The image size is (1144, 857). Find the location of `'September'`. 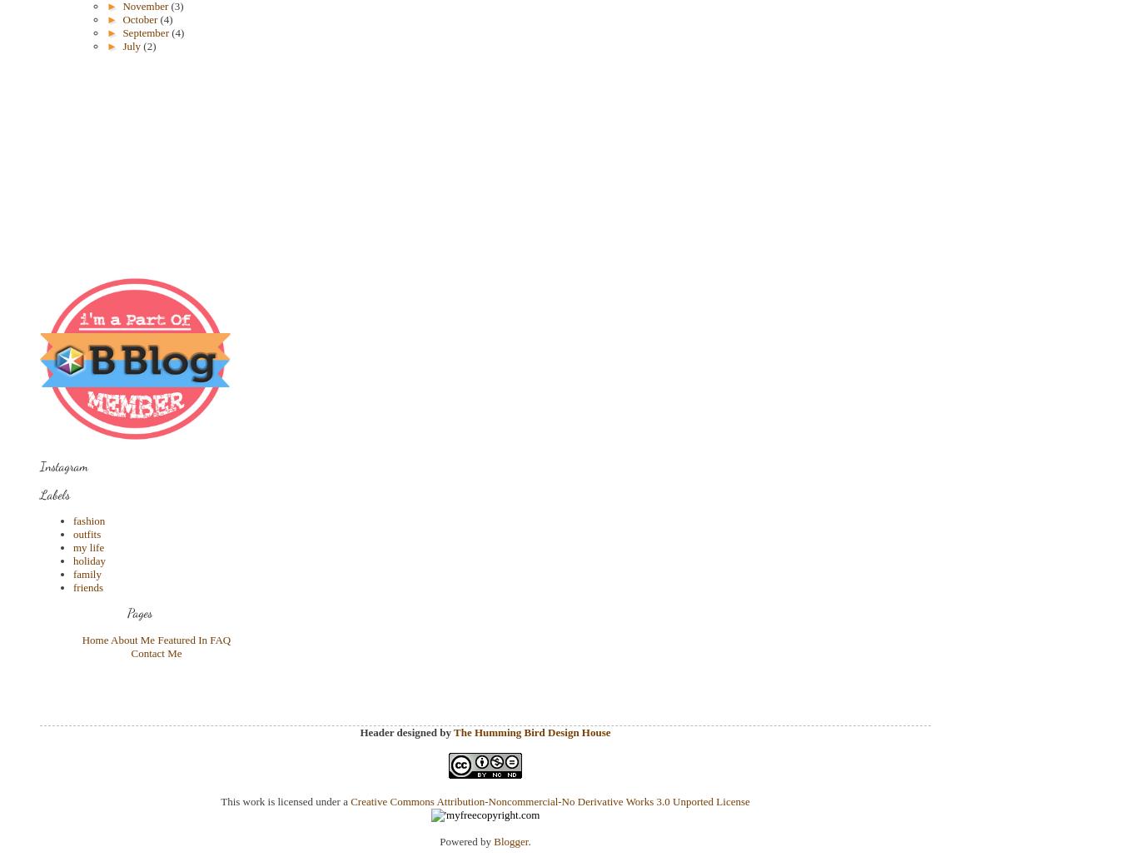

'September' is located at coordinates (146, 32).